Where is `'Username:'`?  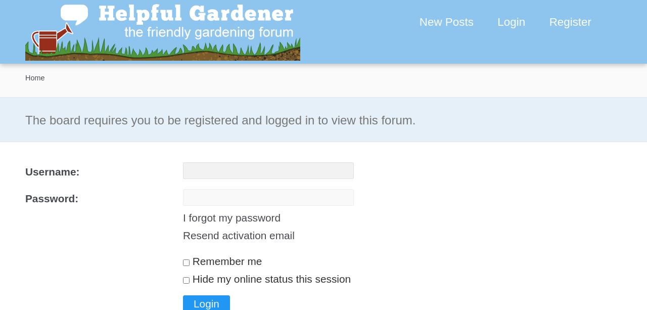
'Username:' is located at coordinates (25, 170).